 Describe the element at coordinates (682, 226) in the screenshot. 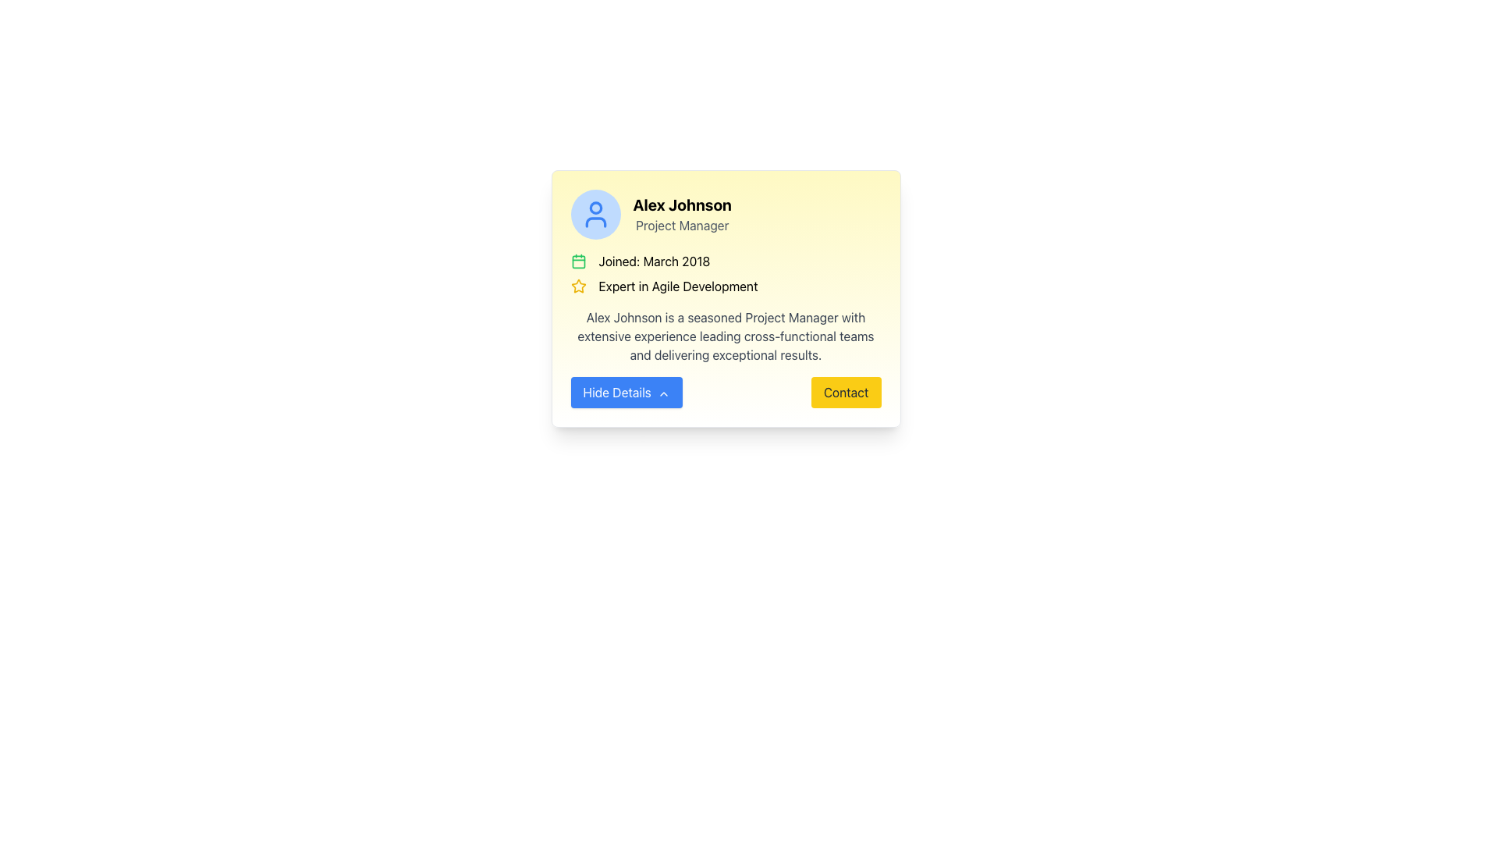

I see `the text label displaying the title 'Project Manager', which is located directly beneath the name 'Alex Johnson' in the profile card` at that location.